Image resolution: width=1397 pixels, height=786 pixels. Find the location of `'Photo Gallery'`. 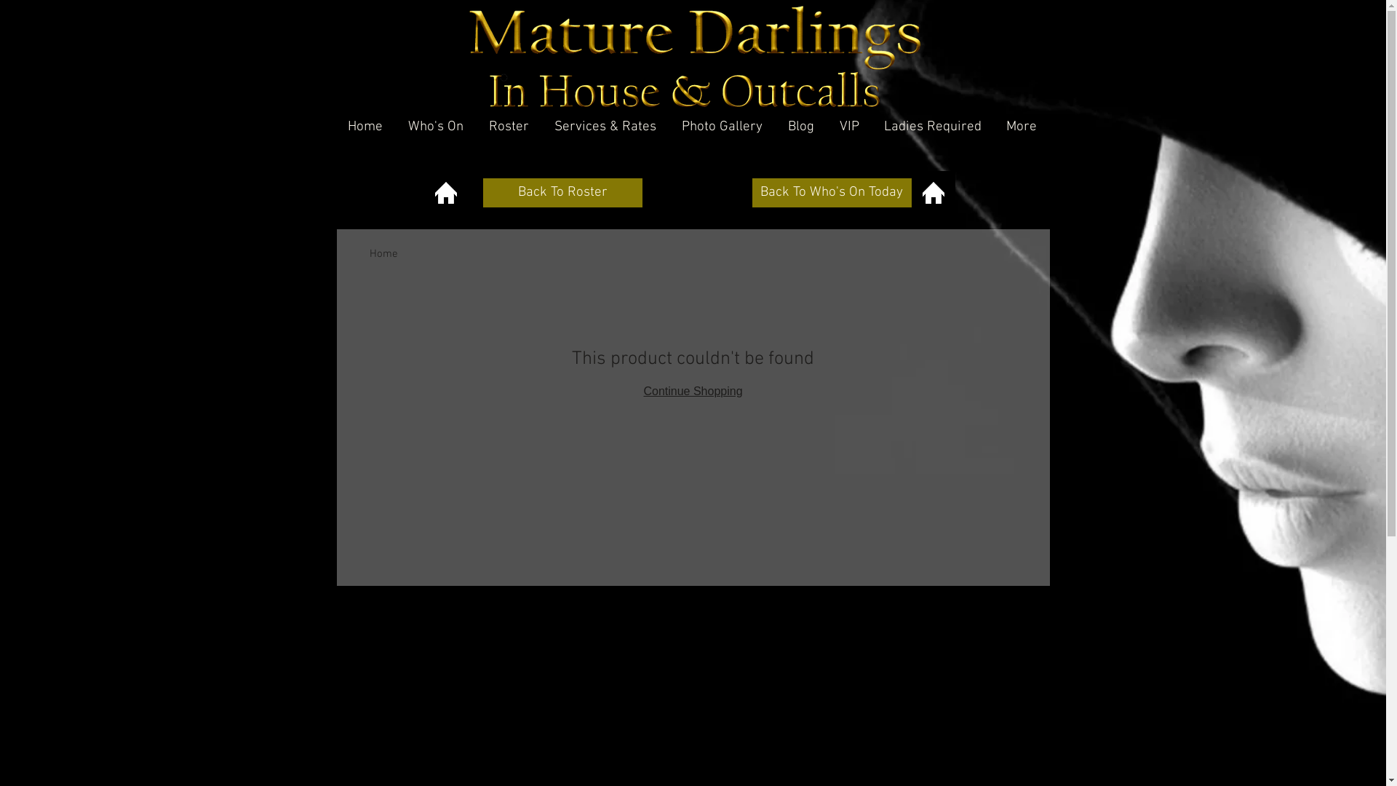

'Photo Gallery' is located at coordinates (723, 126).